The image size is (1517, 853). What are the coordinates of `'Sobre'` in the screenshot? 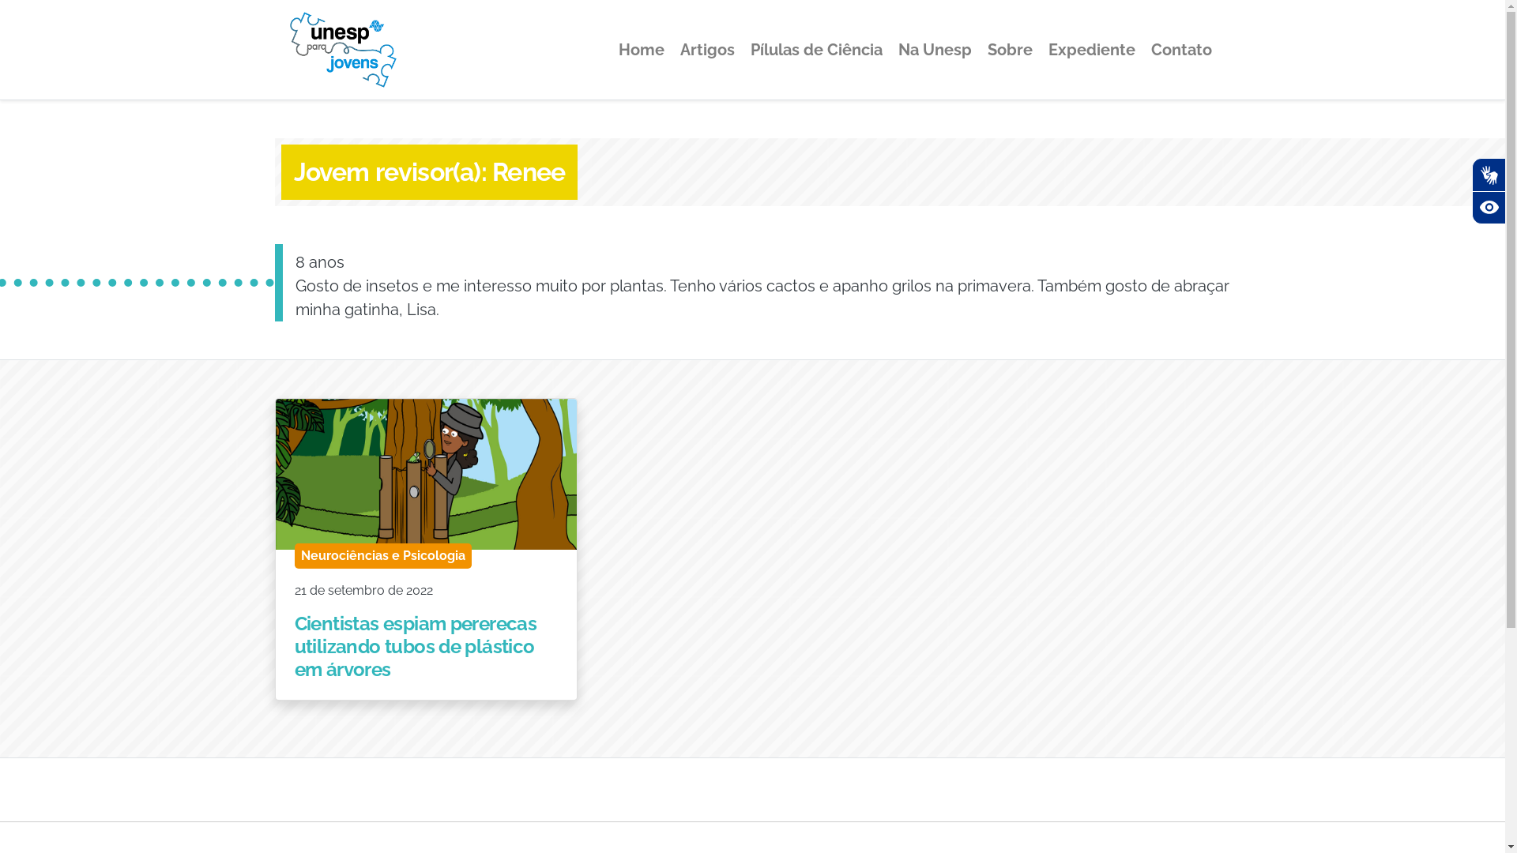 It's located at (1009, 48).